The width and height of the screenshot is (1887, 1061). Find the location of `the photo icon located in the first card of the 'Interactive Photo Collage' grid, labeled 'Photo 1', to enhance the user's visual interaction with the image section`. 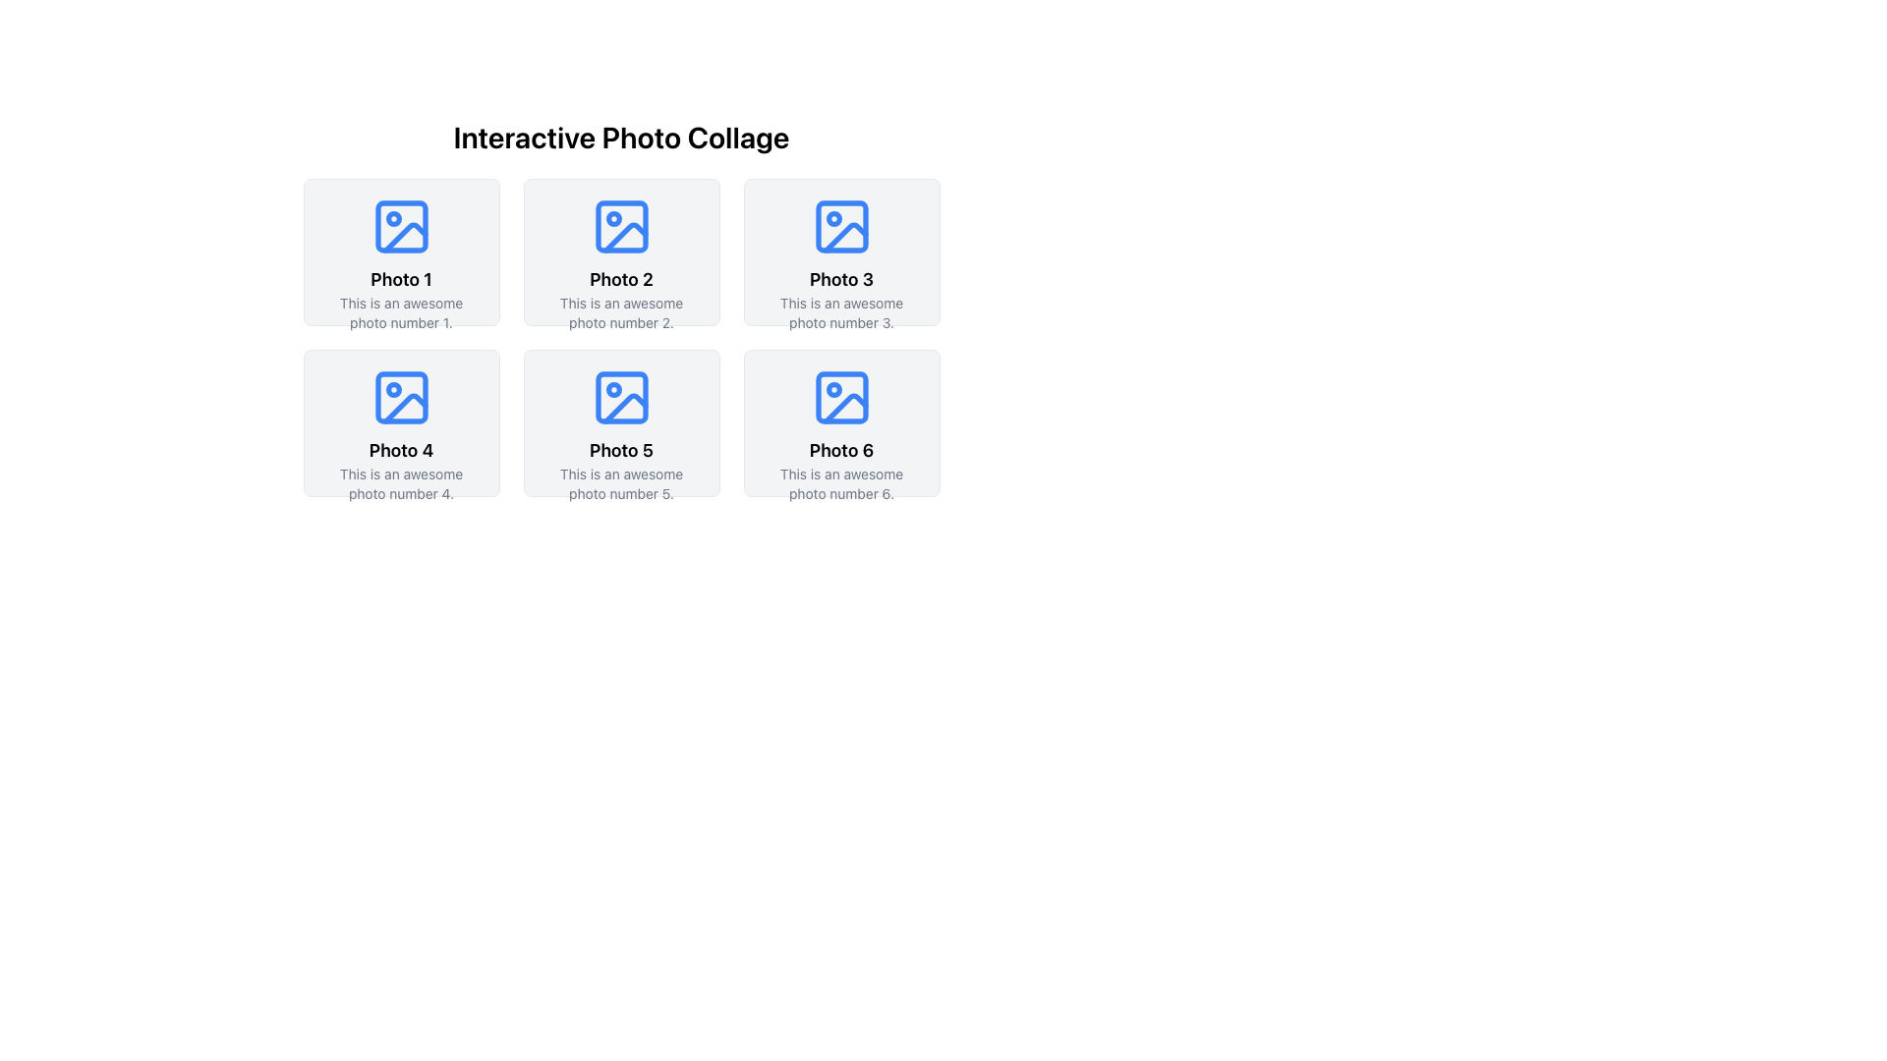

the photo icon located in the first card of the 'Interactive Photo Collage' grid, labeled 'Photo 1', to enhance the user's visual interaction with the image section is located at coordinates (400, 226).